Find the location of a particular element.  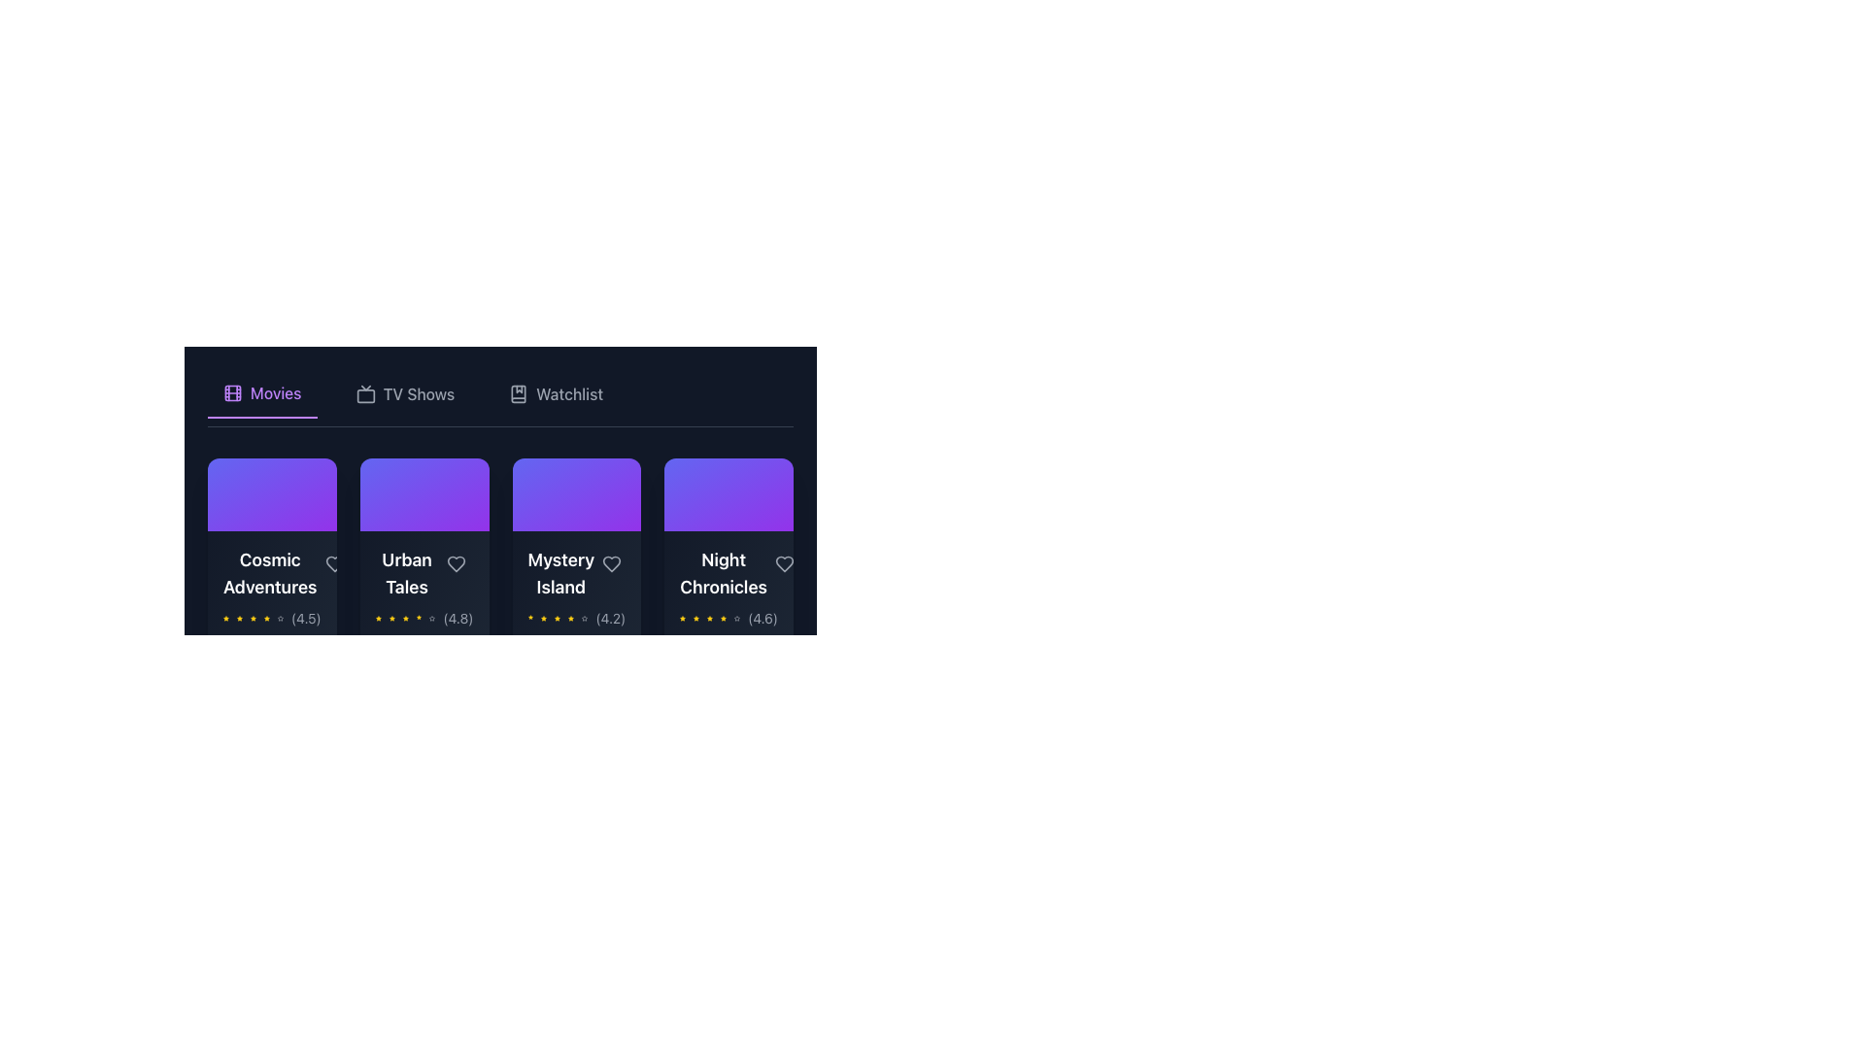

the fifth yellow-filled star icon in the rating system located beneath the 'Urban Tales' content card is located at coordinates (418, 618).